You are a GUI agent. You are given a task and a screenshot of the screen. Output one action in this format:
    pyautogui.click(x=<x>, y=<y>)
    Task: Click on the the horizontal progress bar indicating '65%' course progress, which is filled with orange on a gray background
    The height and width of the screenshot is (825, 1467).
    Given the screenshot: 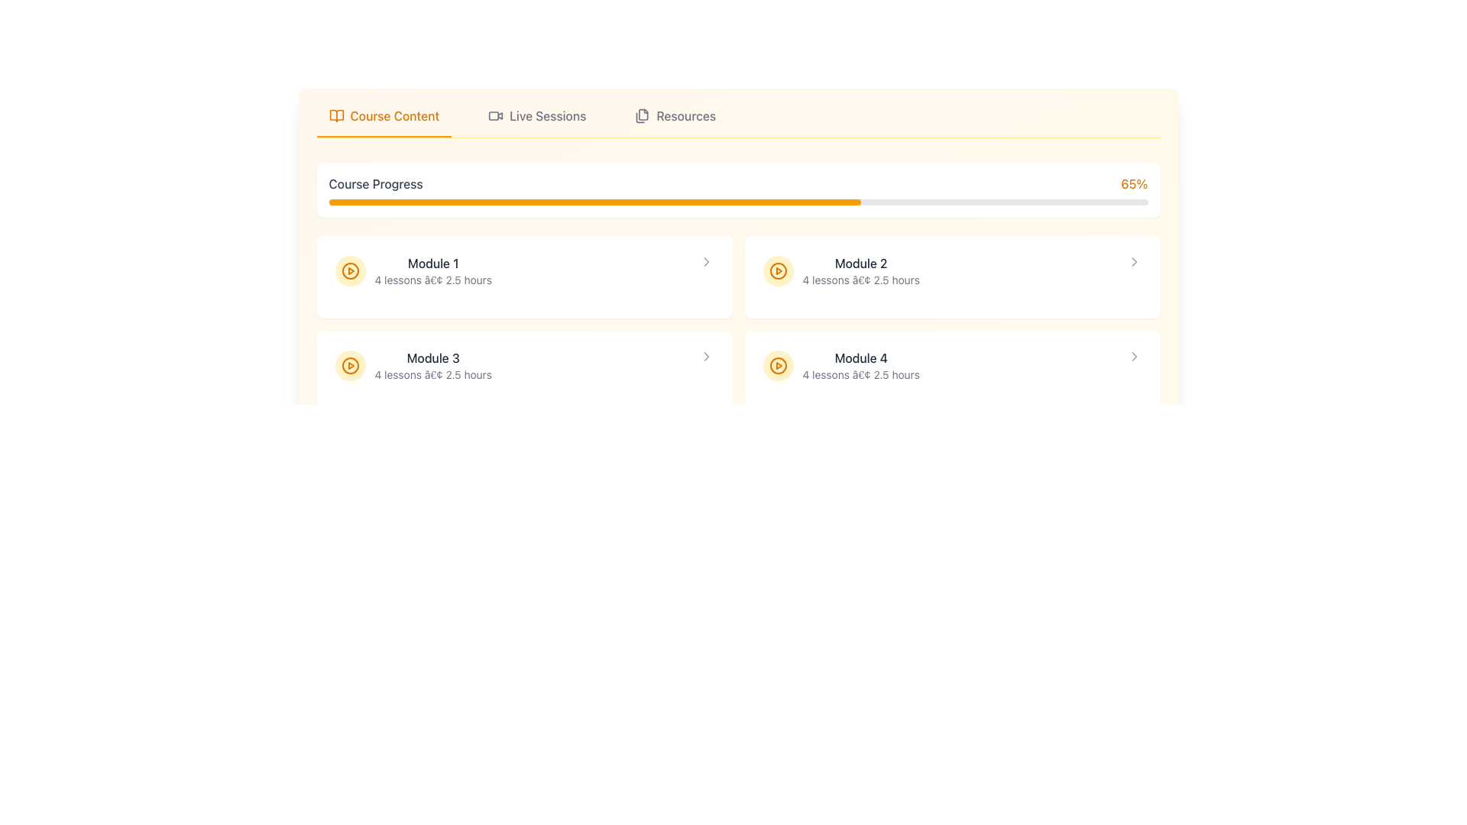 What is the action you would take?
    pyautogui.click(x=738, y=202)
    